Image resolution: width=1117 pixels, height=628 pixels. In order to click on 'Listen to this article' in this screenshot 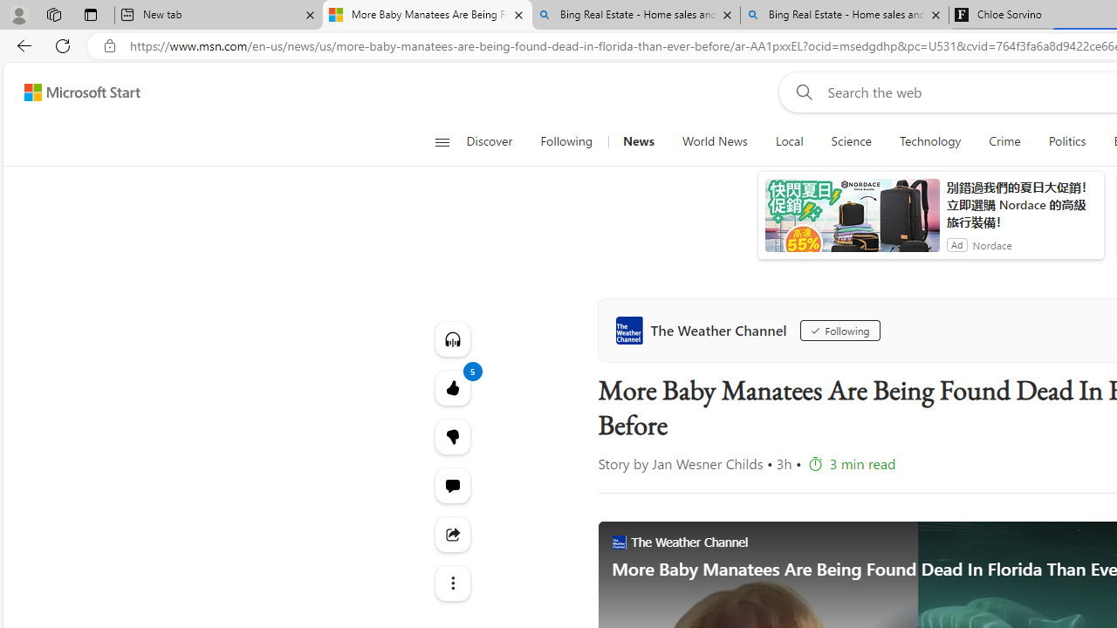, I will do `click(452, 338)`.